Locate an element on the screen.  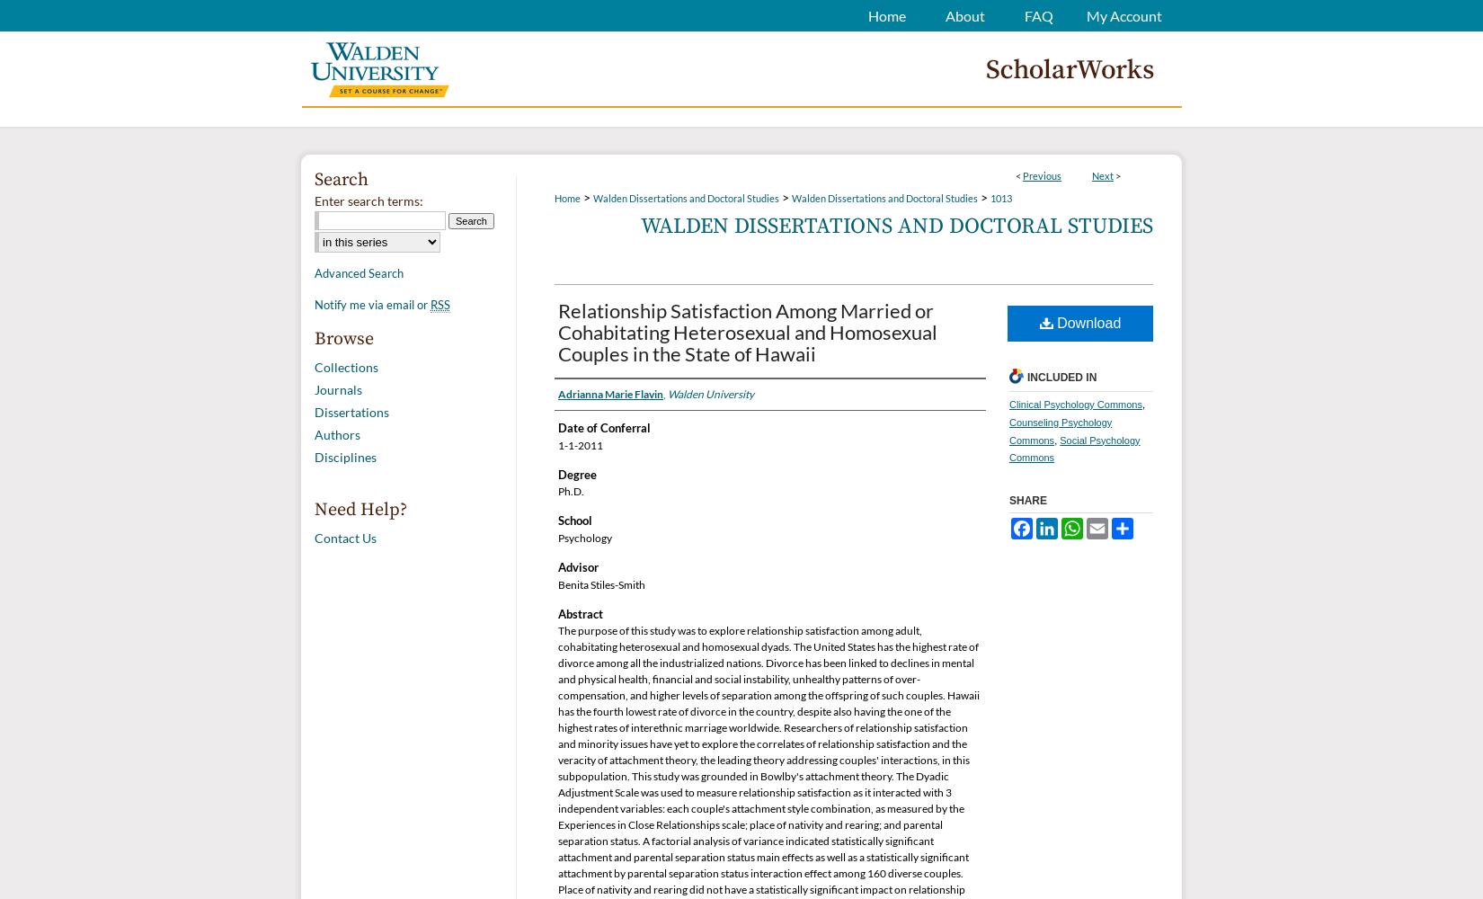
'Authors' is located at coordinates (337, 433).